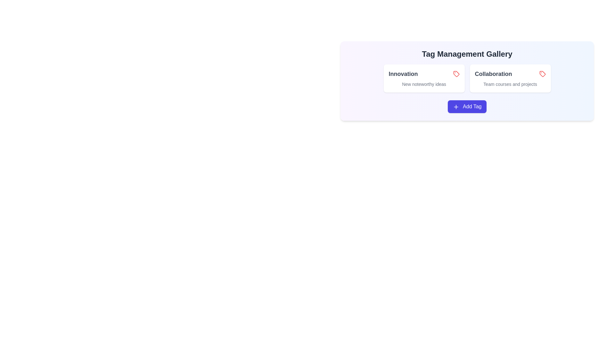  Describe the element at coordinates (542, 74) in the screenshot. I see `the red tag-like icon button located on the right side of the 'Collaboration' section` at that location.